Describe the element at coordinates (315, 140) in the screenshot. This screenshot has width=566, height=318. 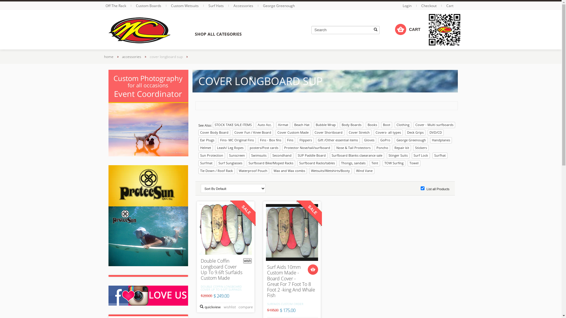
I see `'Gift /Other essential items'` at that location.